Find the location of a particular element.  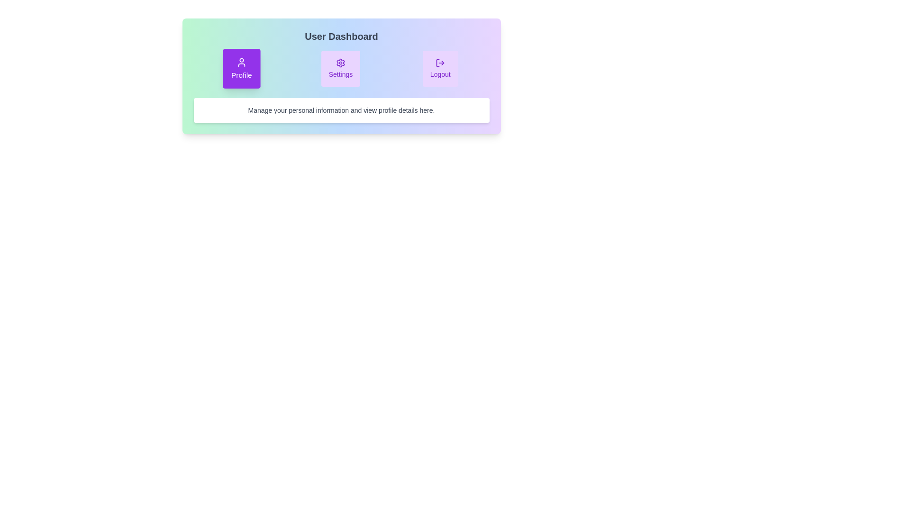

the Settings tab to view its hover effect is located at coordinates (340, 68).